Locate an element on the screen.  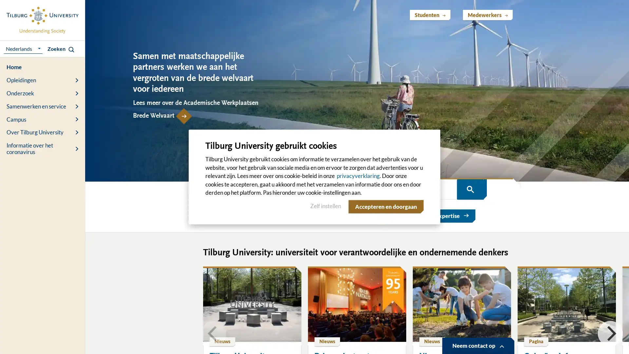
Accepteren en doorgaan is located at coordinates (385, 206).